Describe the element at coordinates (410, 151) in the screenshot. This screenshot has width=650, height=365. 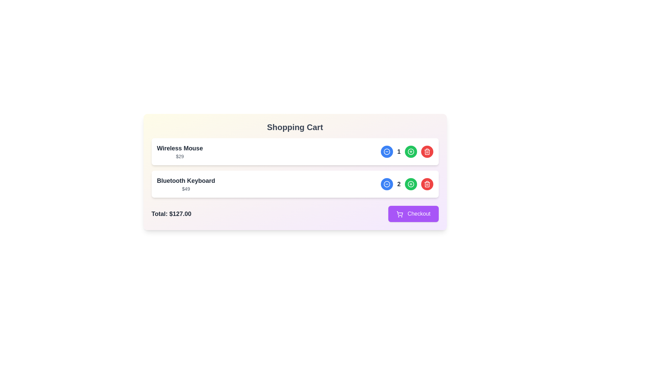
I see `the circular green button with a white plus sign (+) located on the right side of the top product row in the shopping cart interface to increase the quantity of the 'Wireless Mouse' item` at that location.